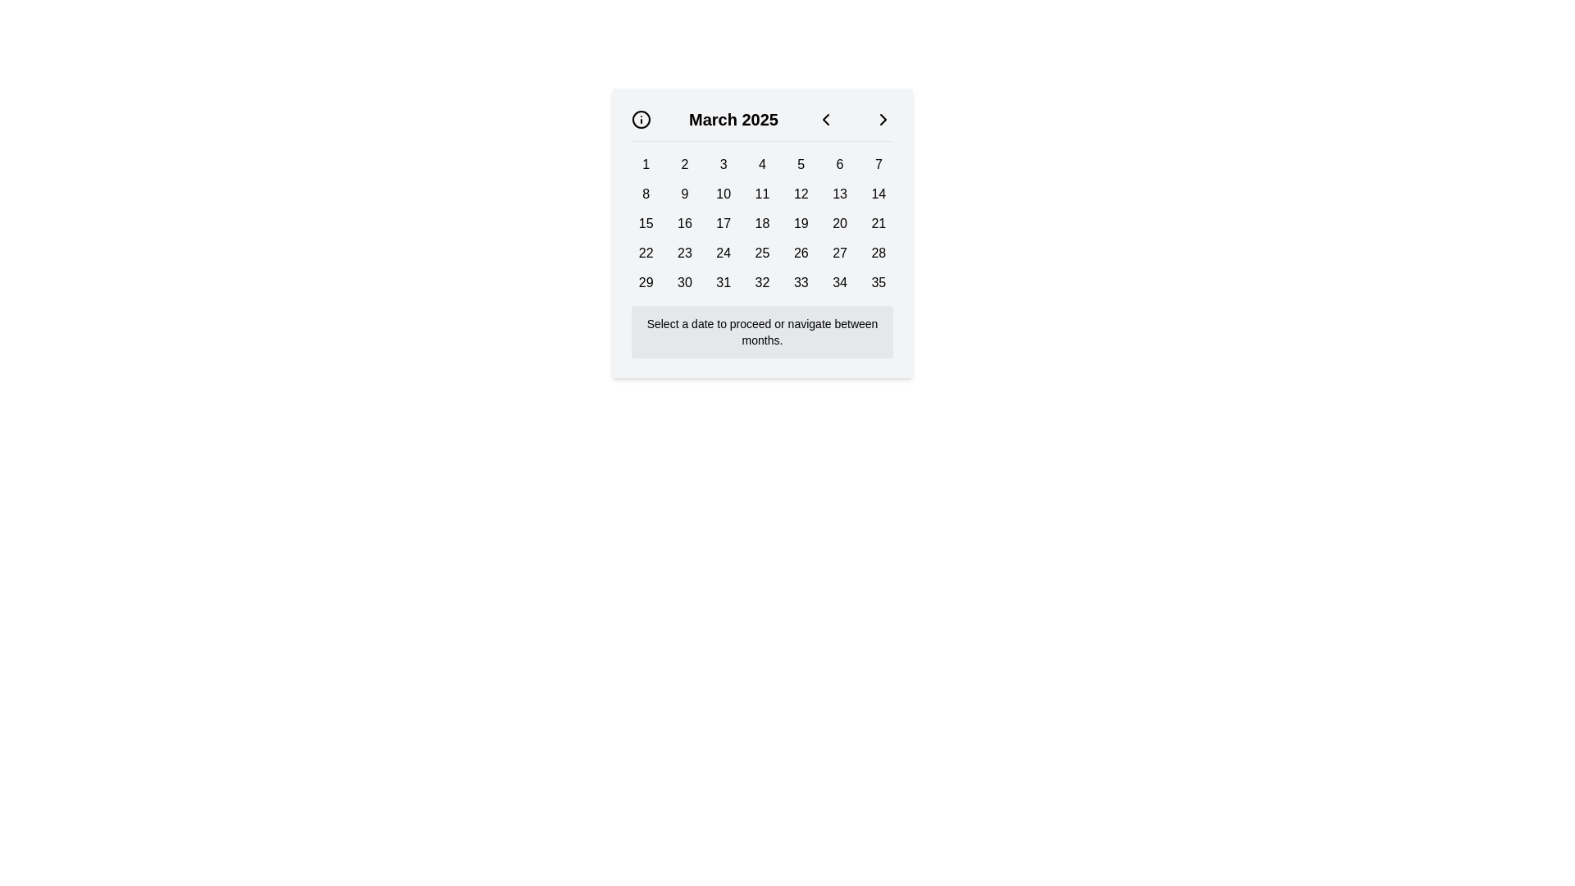 This screenshot has width=1575, height=886. Describe the element at coordinates (801, 224) in the screenshot. I see `the date button for the 19th of March 2025 in the calendar interface` at that location.